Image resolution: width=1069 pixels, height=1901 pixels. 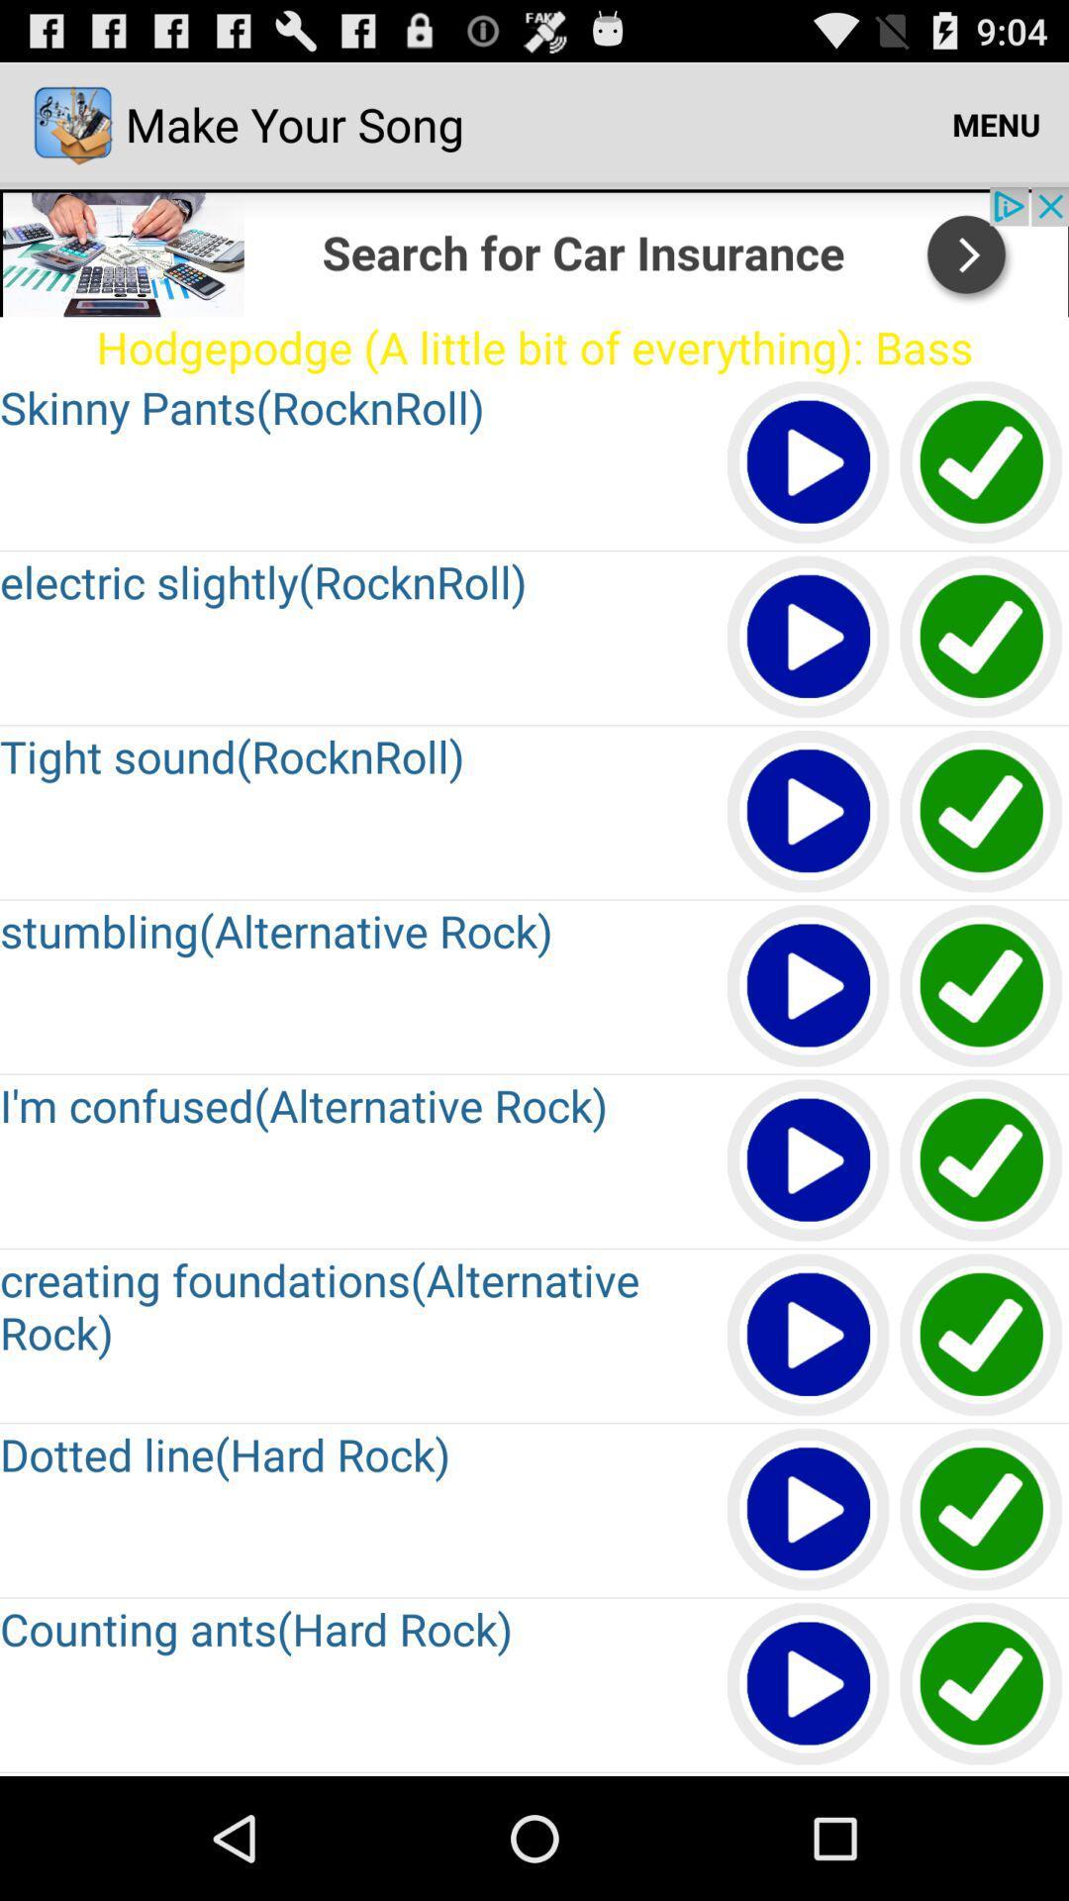 What do you see at coordinates (809, 638) in the screenshot?
I see `song` at bounding box center [809, 638].